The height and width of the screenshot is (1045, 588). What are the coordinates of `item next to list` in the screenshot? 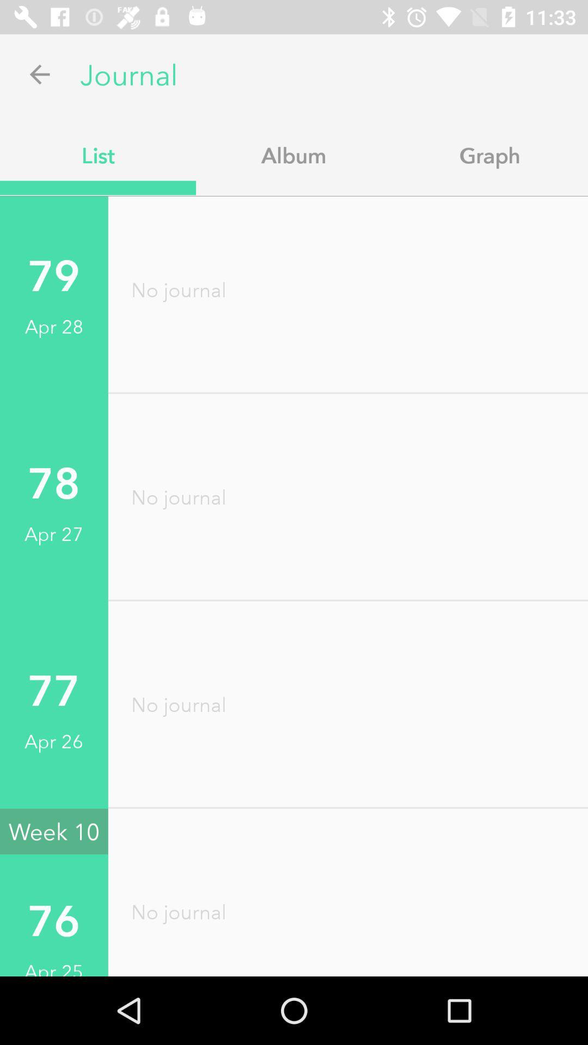 It's located at (294, 155).